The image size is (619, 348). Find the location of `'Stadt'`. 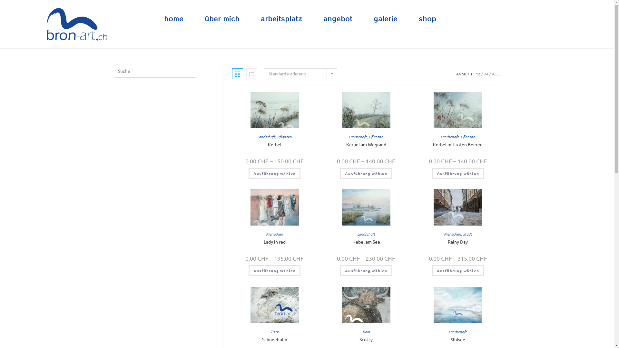

'Stadt' is located at coordinates (467, 234).